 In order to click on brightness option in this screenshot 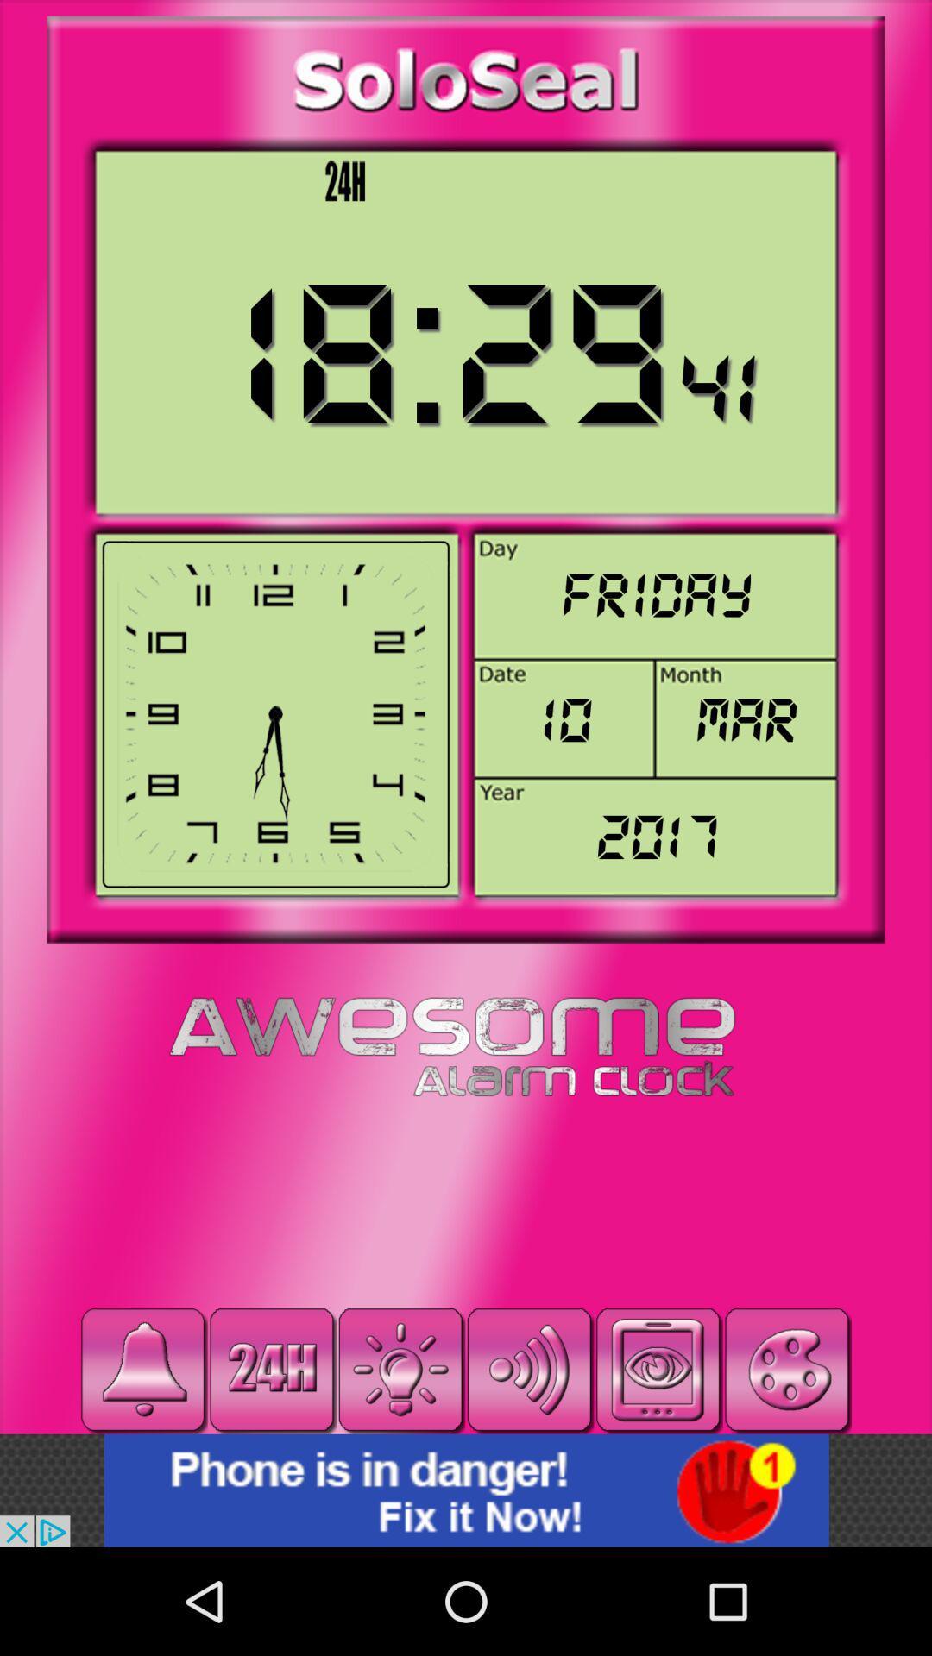, I will do `click(400, 1369)`.